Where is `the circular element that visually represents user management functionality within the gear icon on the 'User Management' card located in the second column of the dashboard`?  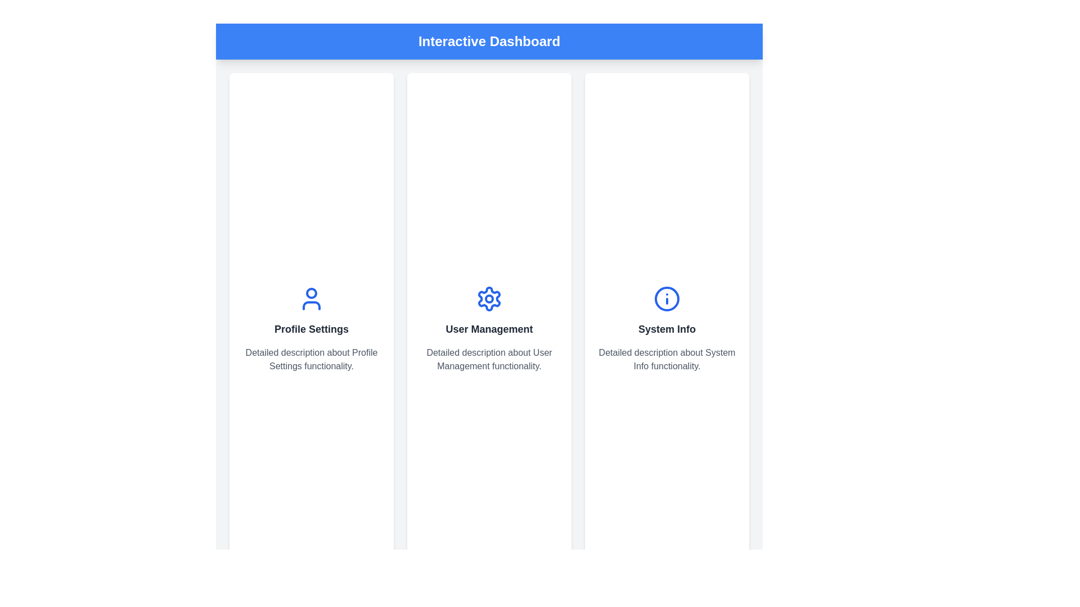
the circular element that visually represents user management functionality within the gear icon on the 'User Management' card located in the second column of the dashboard is located at coordinates (489, 298).